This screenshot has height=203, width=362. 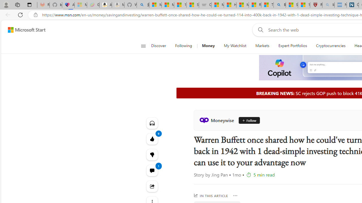 What do you see at coordinates (247, 120) in the screenshot?
I see `'Follow'` at bounding box center [247, 120].